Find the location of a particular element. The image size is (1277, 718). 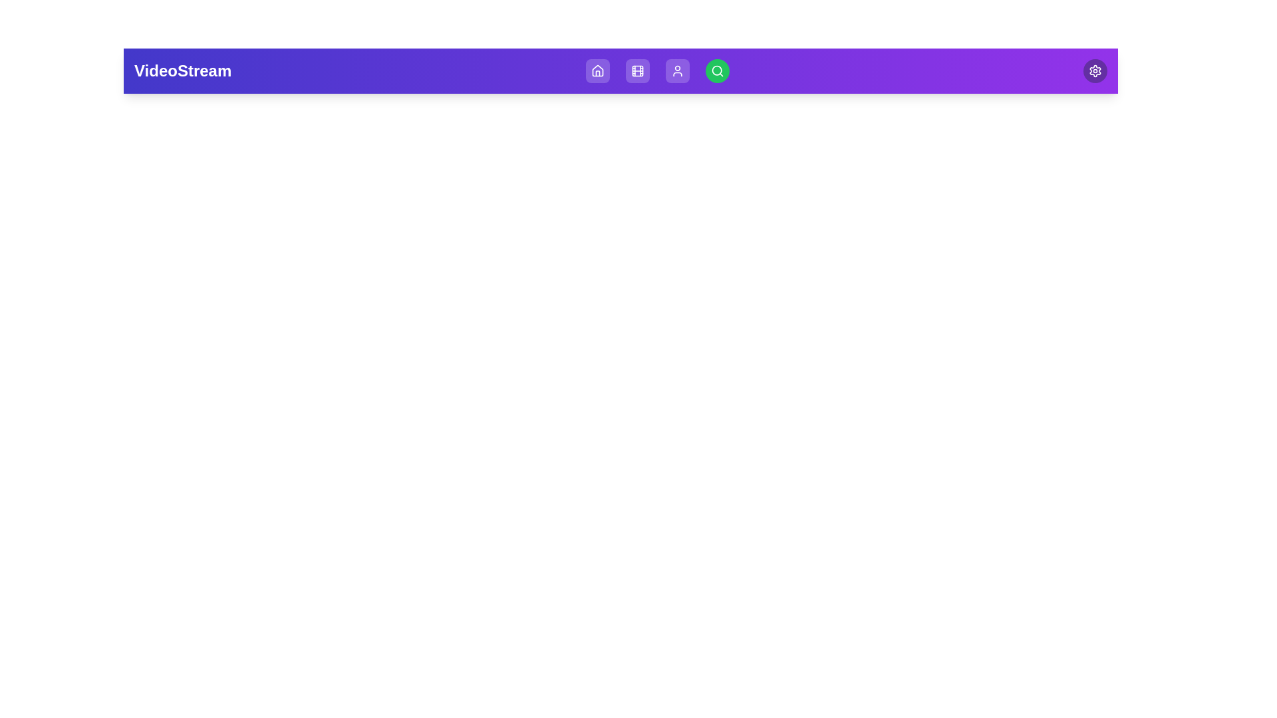

the Search button is located at coordinates (716, 71).